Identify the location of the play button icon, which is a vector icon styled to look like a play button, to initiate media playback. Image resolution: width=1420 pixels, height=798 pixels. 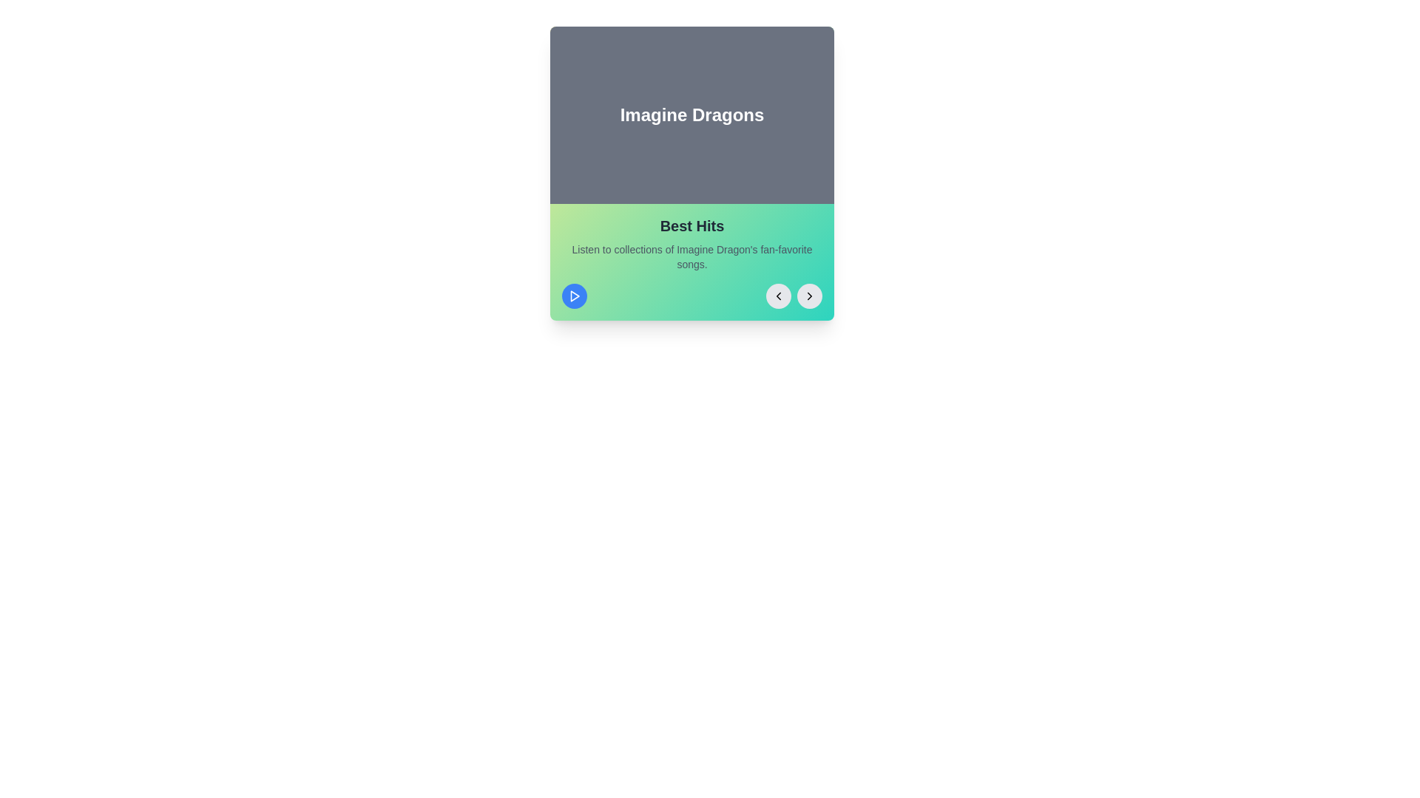
(574, 296).